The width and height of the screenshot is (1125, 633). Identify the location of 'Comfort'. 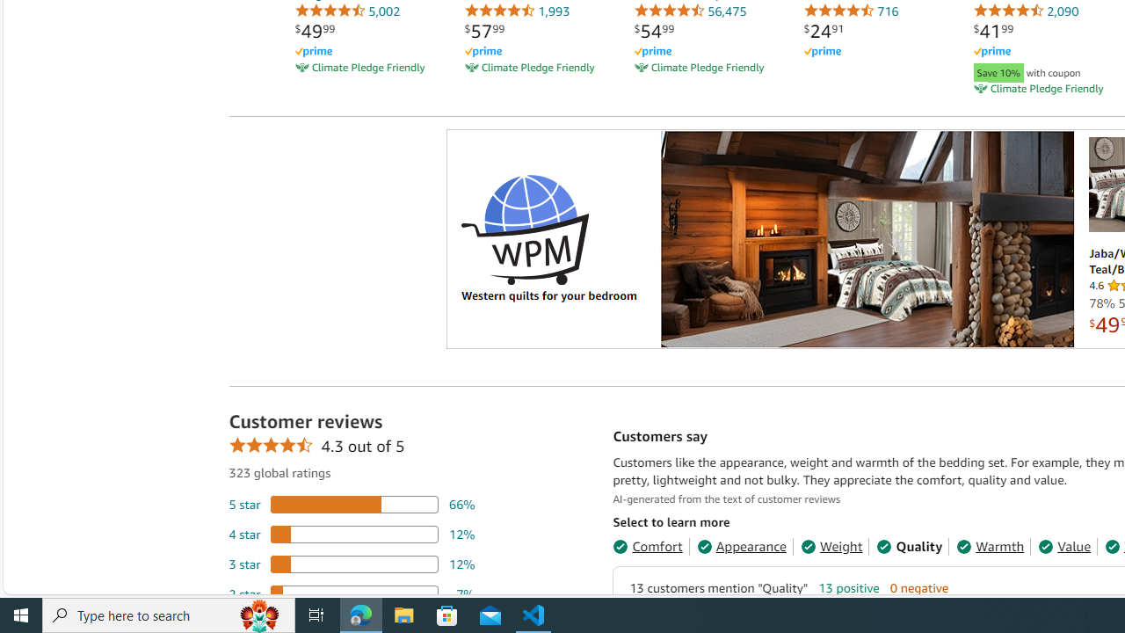
(647, 545).